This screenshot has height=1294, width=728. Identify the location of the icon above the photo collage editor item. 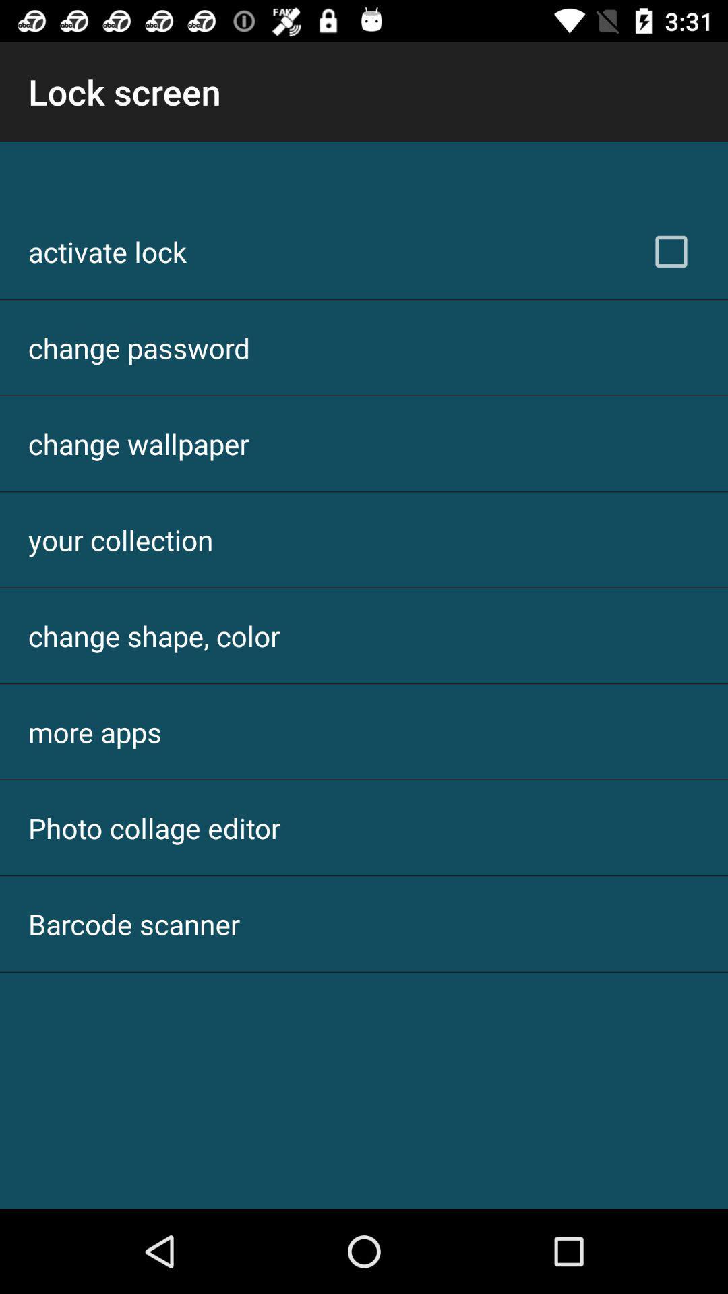
(94, 731).